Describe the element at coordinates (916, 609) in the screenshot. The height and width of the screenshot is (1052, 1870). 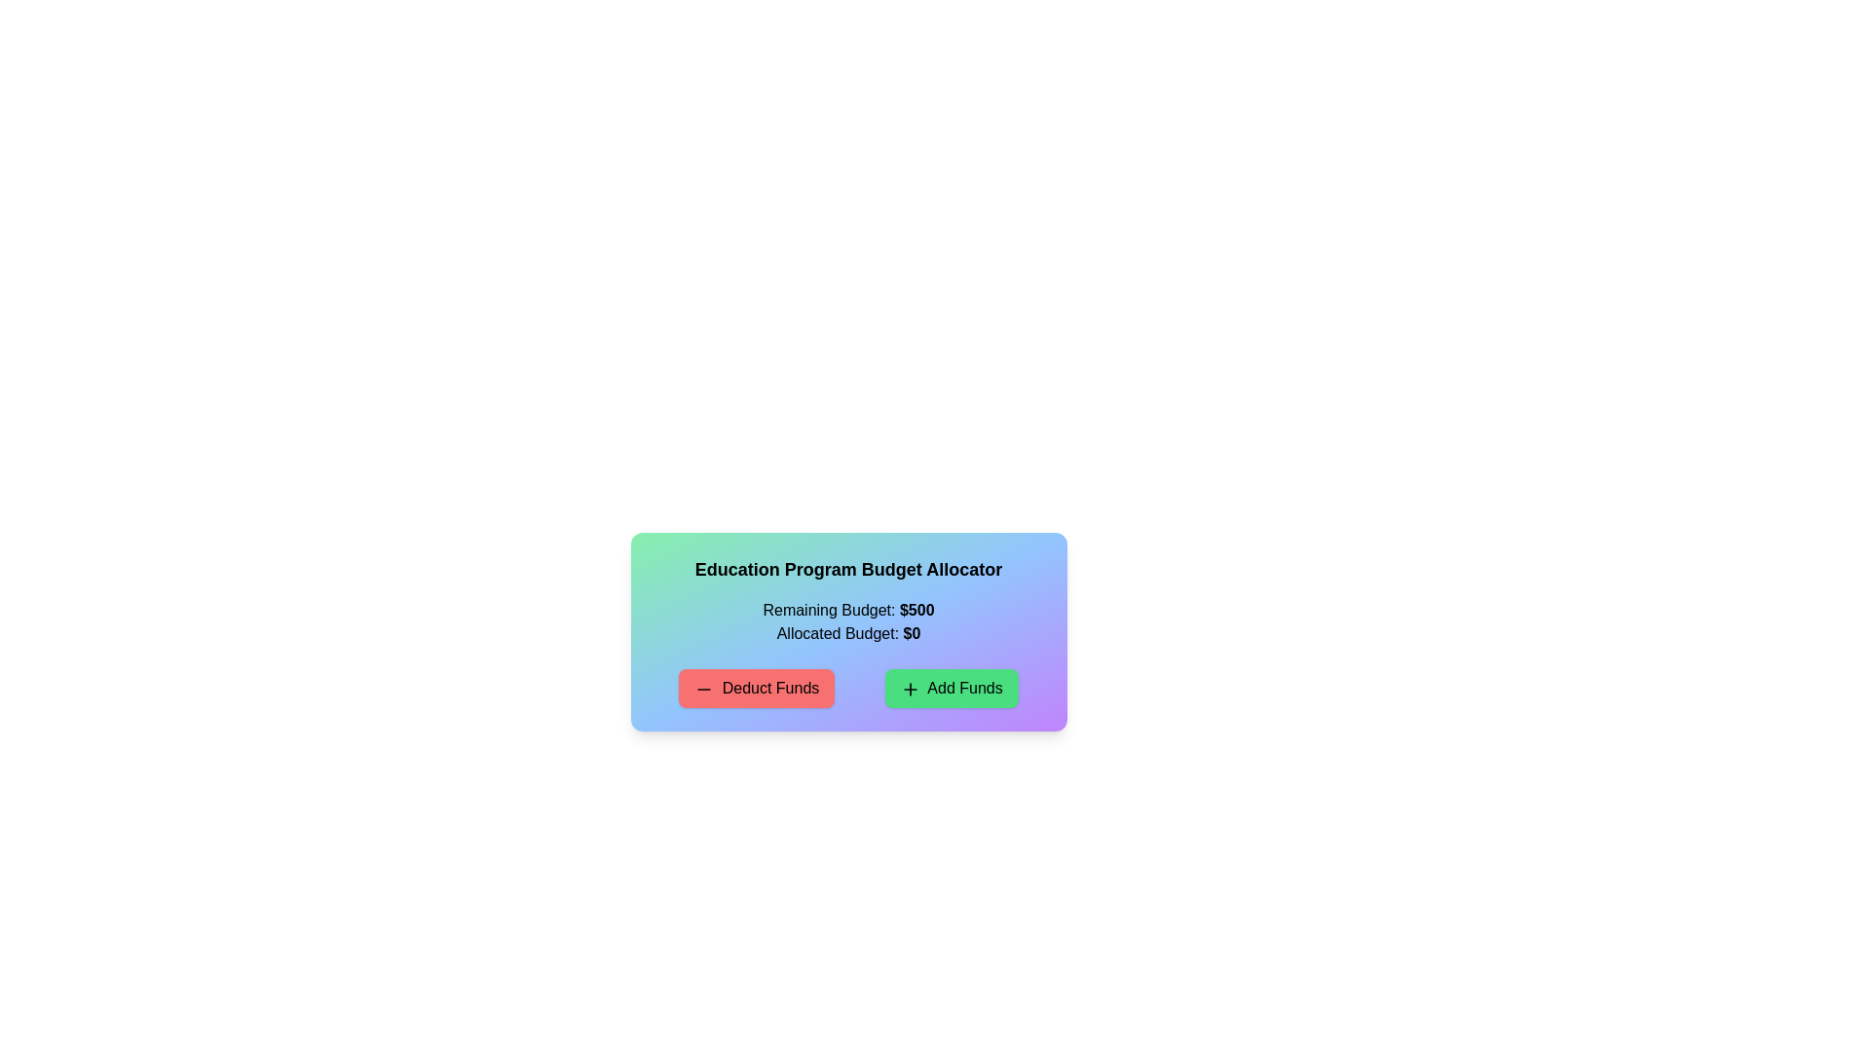
I see `the bolded text label displaying the amount '$500' which is located to the right of the 'Remaining Budget:' label in the middle of the layout` at that location.